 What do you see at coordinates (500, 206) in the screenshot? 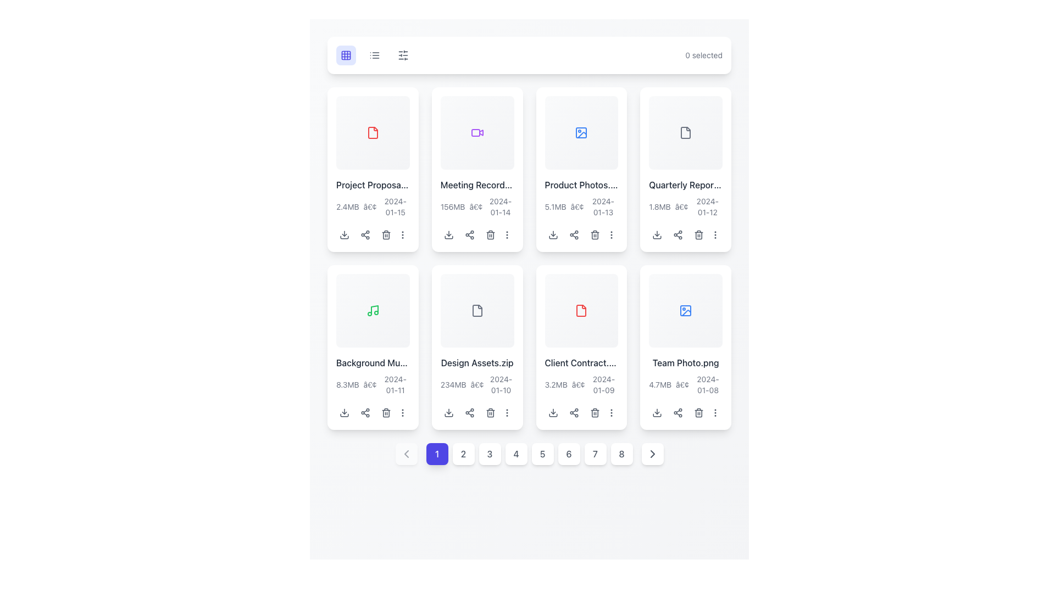
I see `the date label that appears after the file size label ('156MB') in the card located in the second column of the first row within a grid layout` at bounding box center [500, 206].